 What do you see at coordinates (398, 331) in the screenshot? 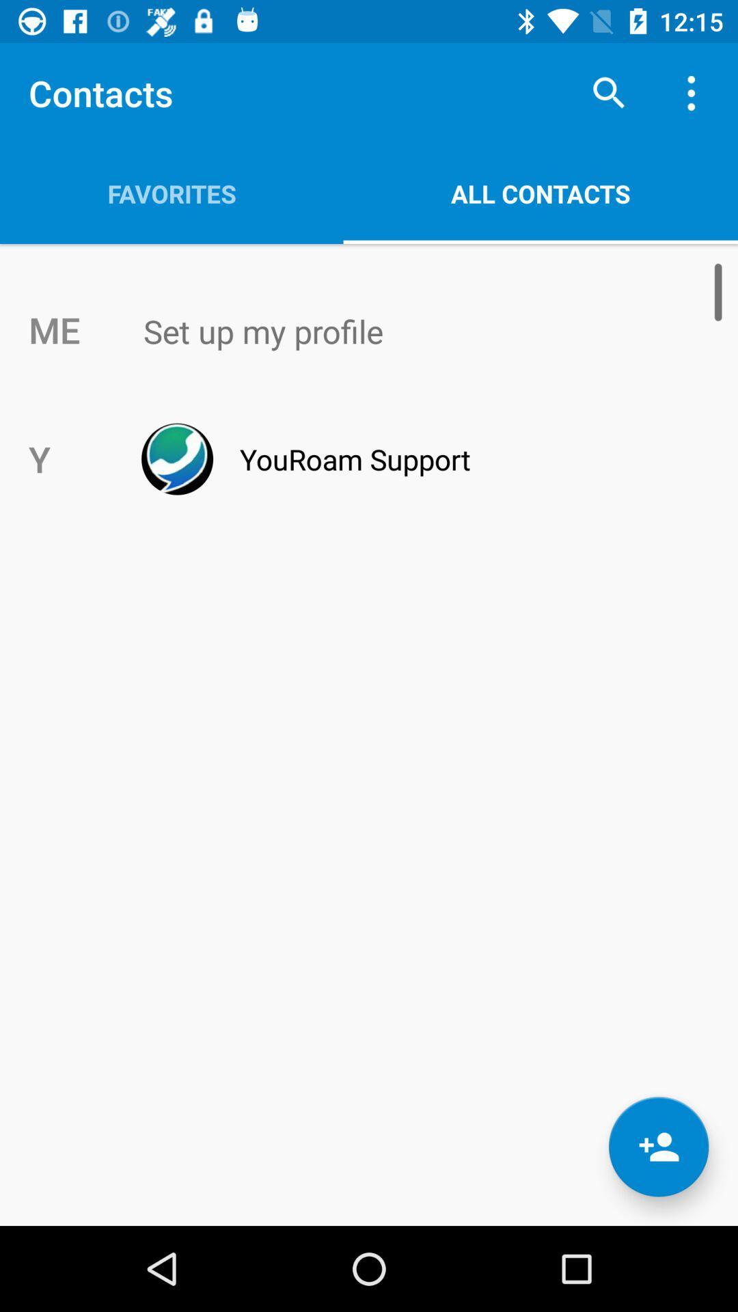
I see `set up my item` at bounding box center [398, 331].